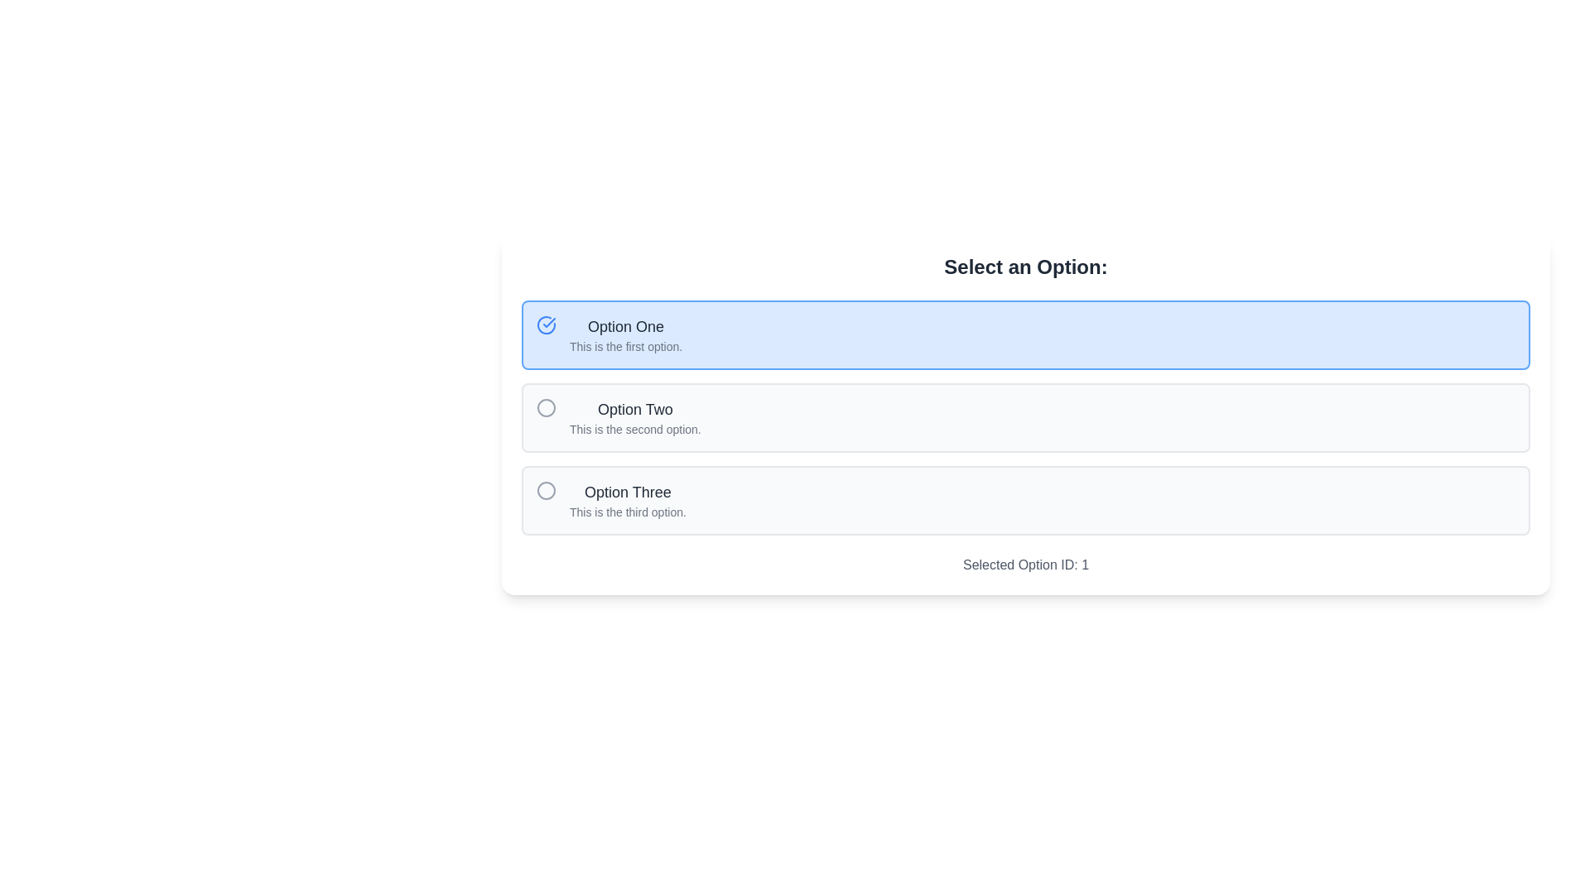 This screenshot has height=894, width=1590. Describe the element at coordinates (634, 429) in the screenshot. I see `the descriptive text label located directly beneath 'Option Two', which provides supplemental content for this option` at that location.